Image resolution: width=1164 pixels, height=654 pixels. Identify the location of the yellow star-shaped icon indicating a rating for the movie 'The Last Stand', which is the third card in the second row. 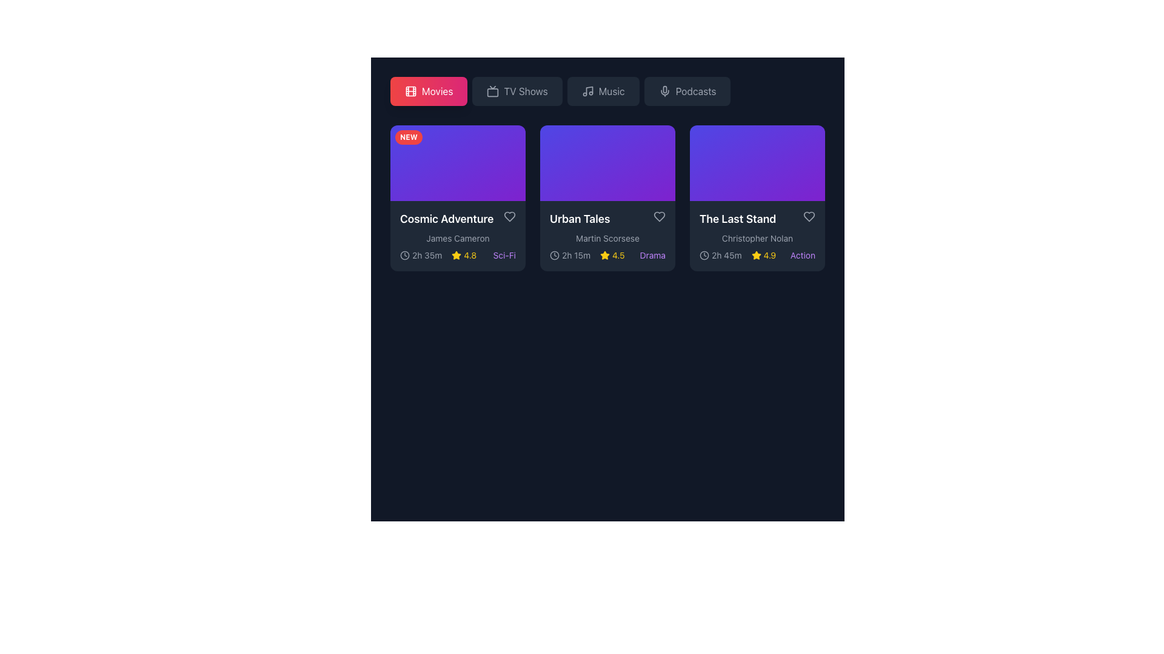
(755, 255).